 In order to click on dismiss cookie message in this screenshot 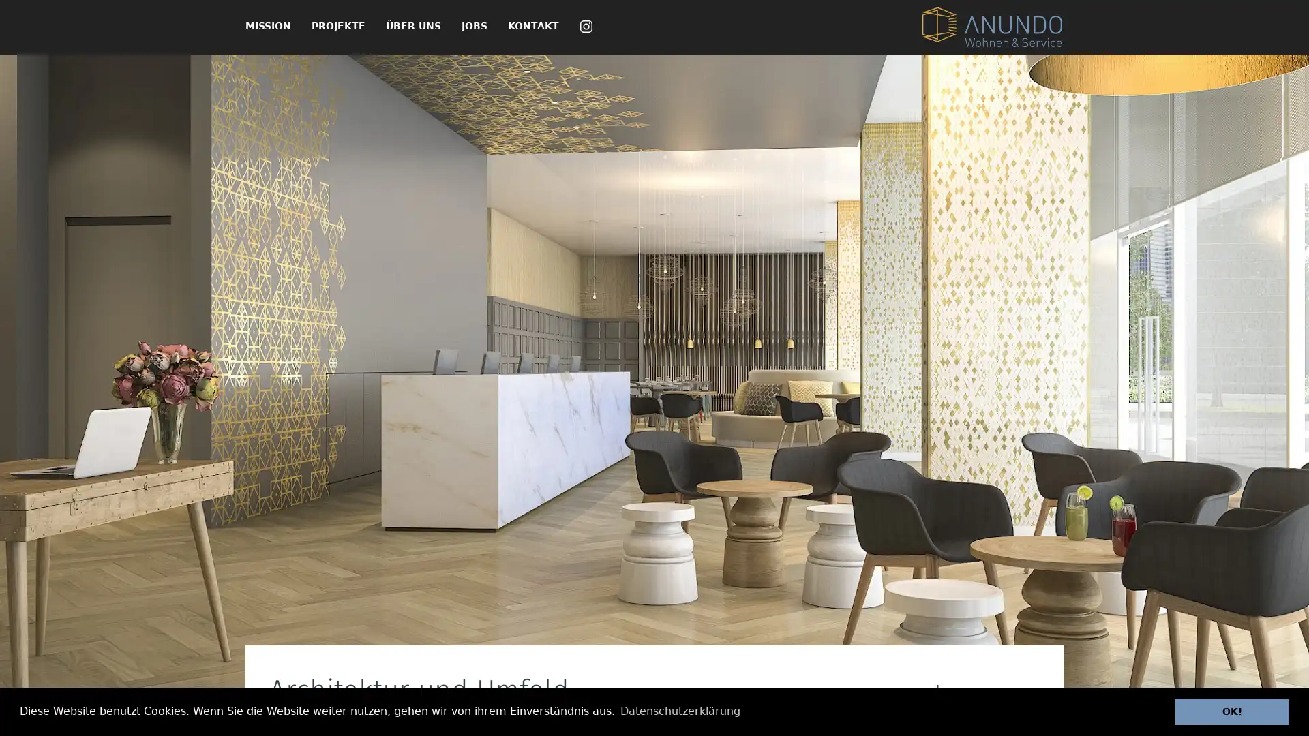, I will do `click(1232, 711)`.